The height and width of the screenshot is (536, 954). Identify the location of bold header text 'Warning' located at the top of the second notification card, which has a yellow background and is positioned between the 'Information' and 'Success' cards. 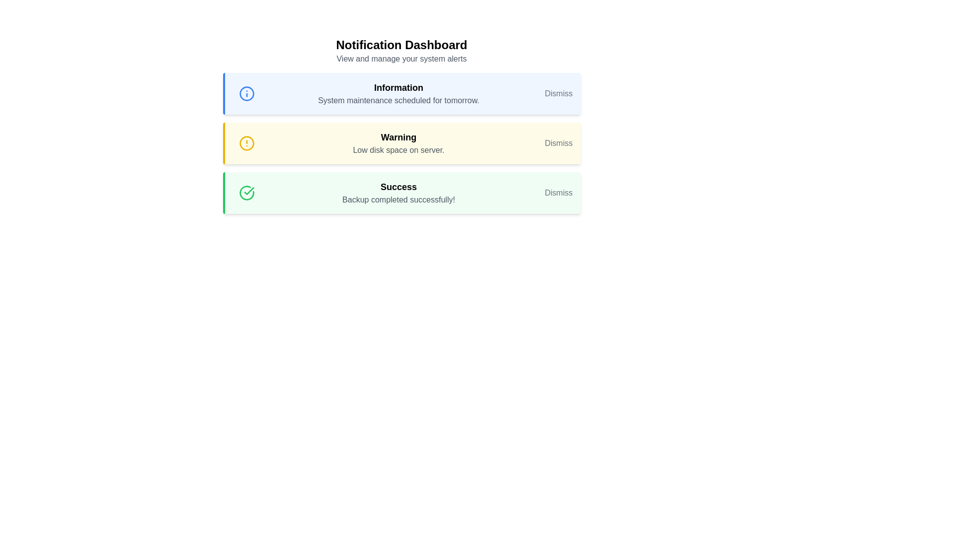
(398, 137).